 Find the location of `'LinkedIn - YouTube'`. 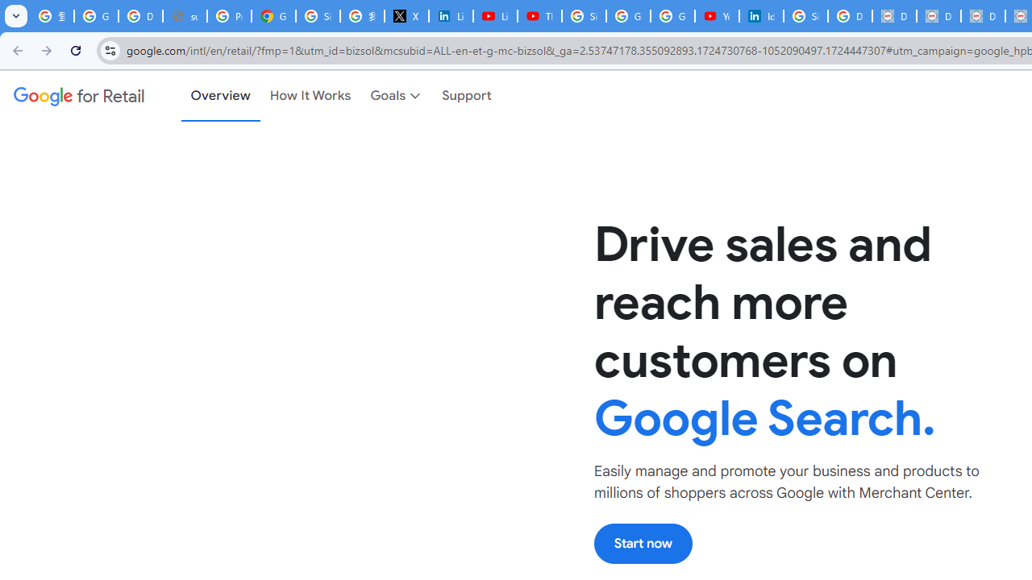

'LinkedIn - YouTube' is located at coordinates (495, 16).